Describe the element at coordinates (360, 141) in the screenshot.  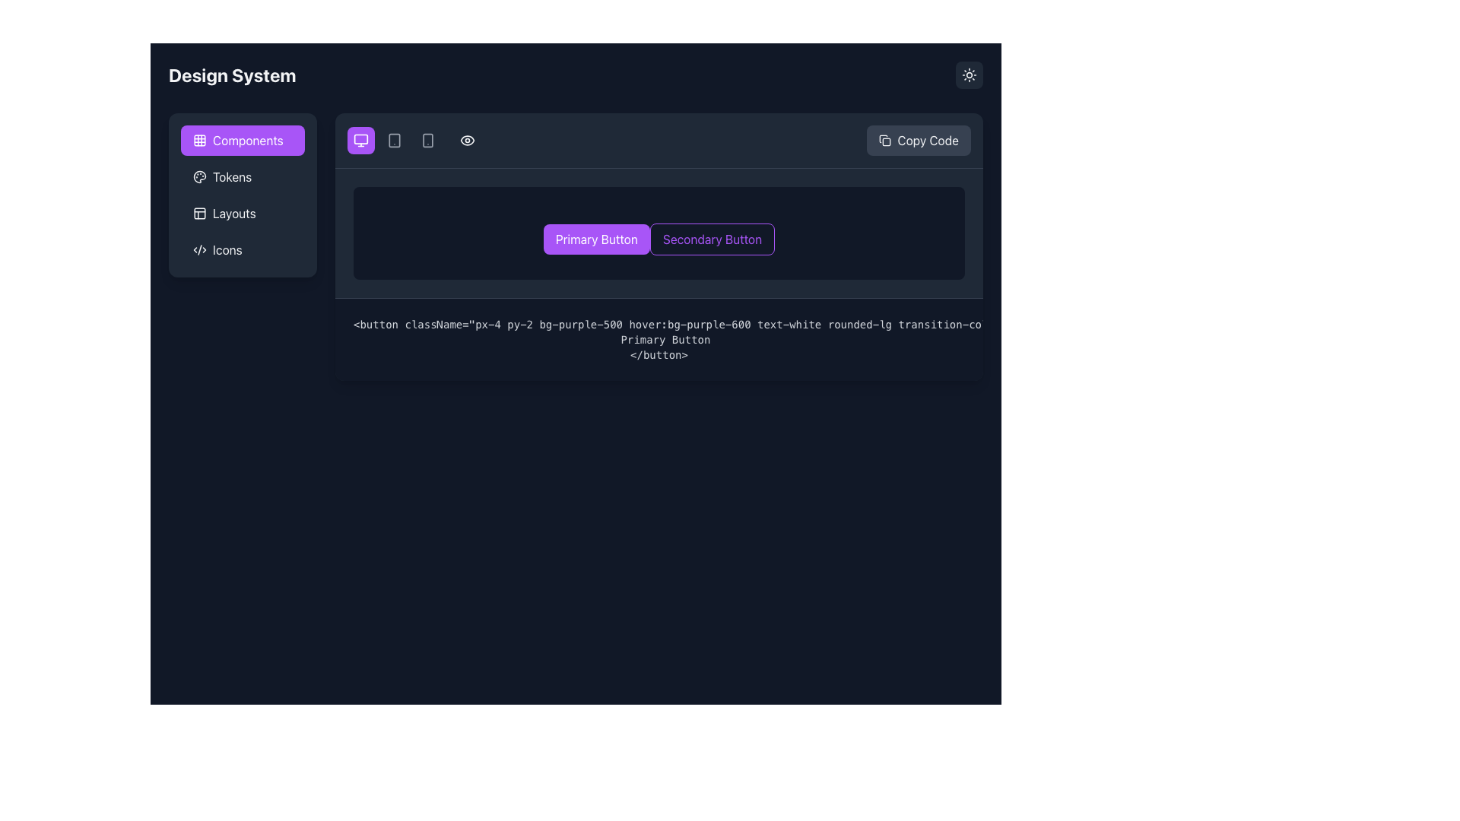
I see `the monitor icon button located inside the purple button at the upper portion of the interface` at that location.